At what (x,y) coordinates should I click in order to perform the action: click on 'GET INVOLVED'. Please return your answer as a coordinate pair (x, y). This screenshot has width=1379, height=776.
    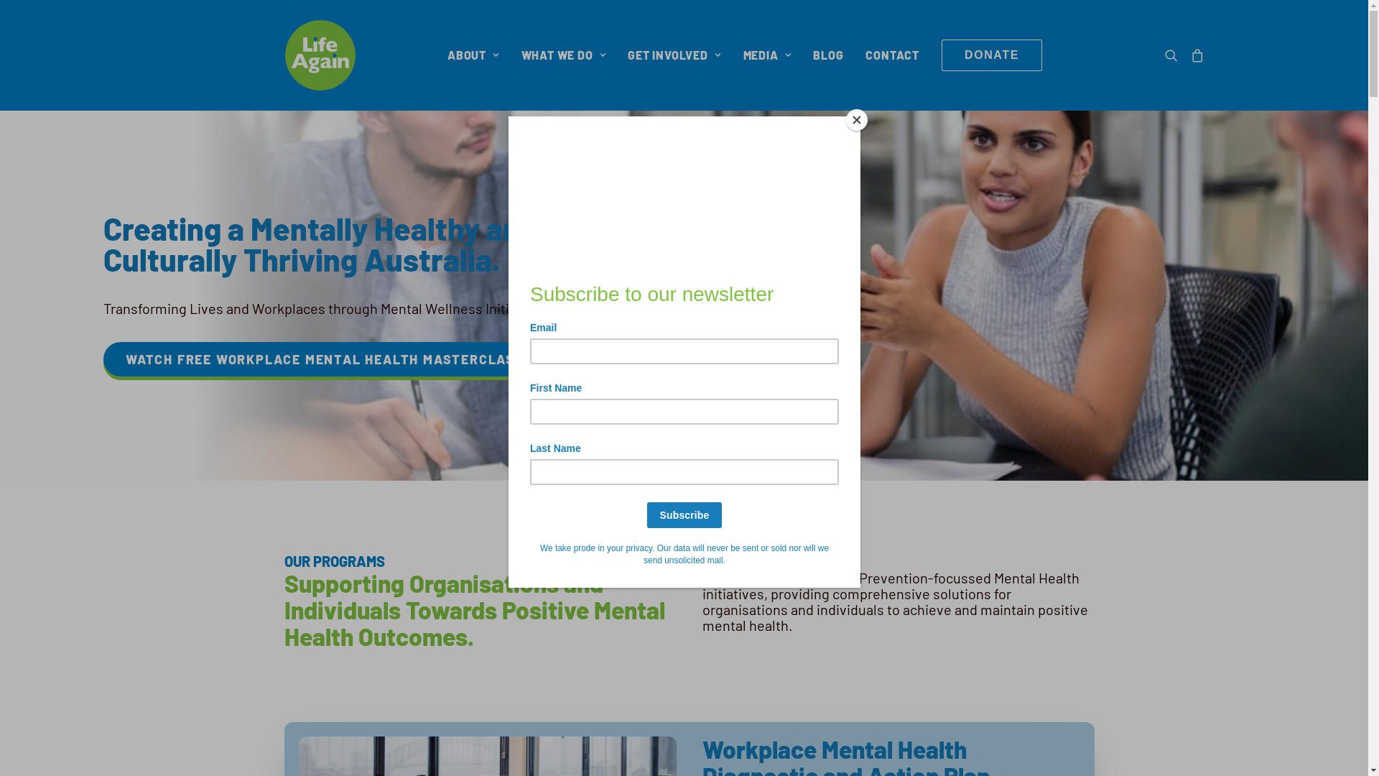
    Looking at the image, I should click on (673, 55).